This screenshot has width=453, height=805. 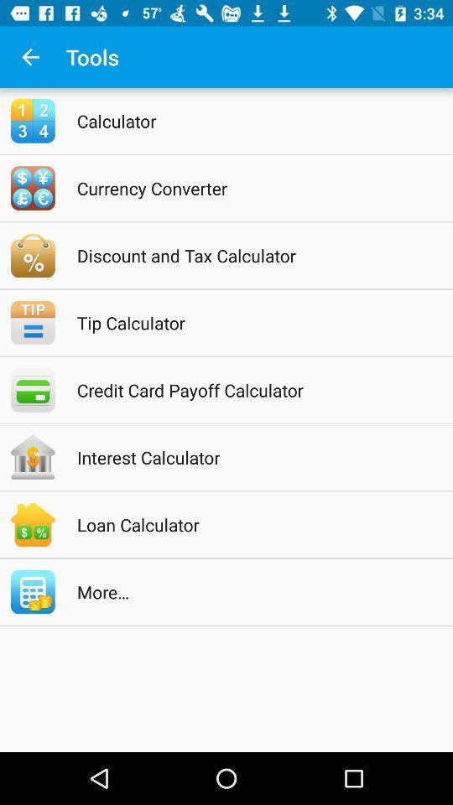 I want to click on the icon which is left to the tip calculator, so click(x=33, y=321).